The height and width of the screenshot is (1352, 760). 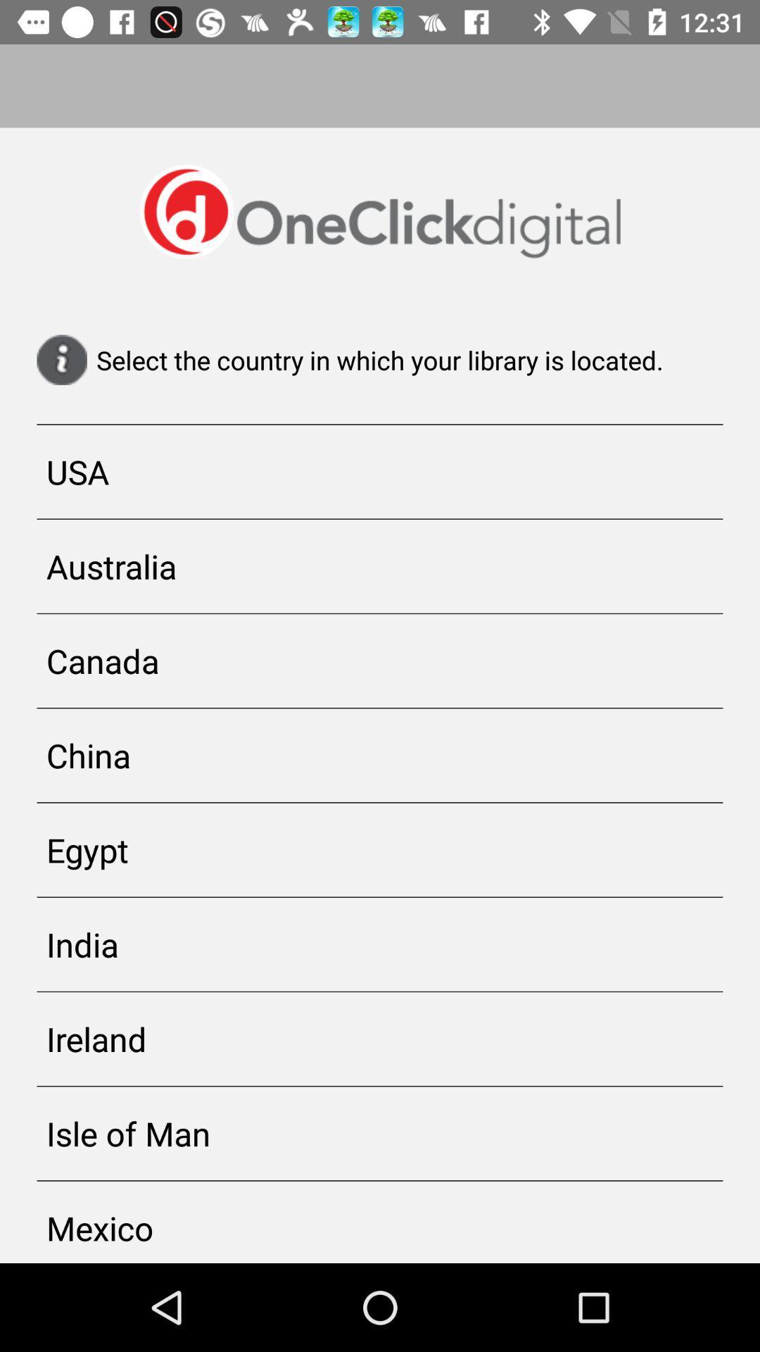 What do you see at coordinates (380, 1221) in the screenshot?
I see `mexico` at bounding box center [380, 1221].